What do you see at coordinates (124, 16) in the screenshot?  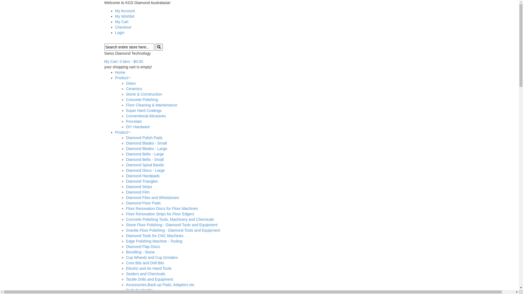 I see `'My Wishlist'` at bounding box center [124, 16].